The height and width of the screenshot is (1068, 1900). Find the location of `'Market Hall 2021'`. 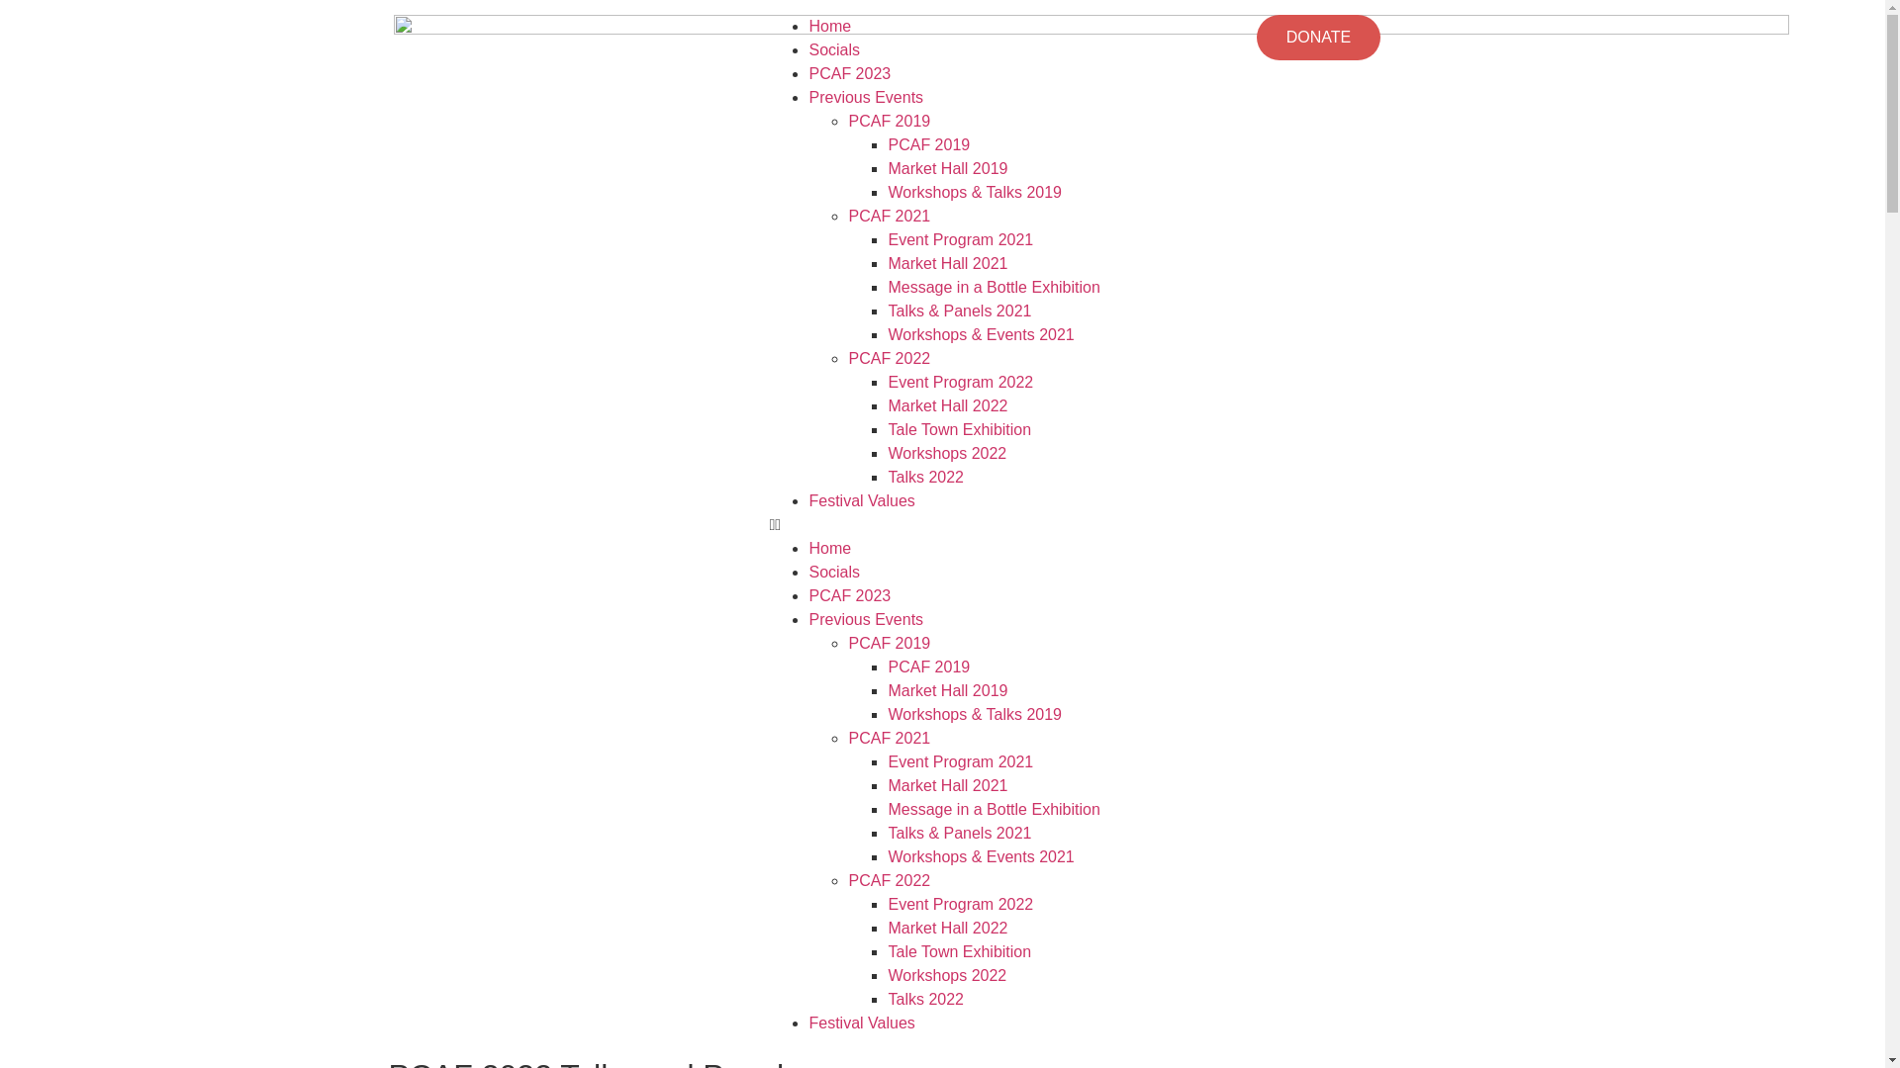

'Market Hall 2021' is located at coordinates (946, 262).